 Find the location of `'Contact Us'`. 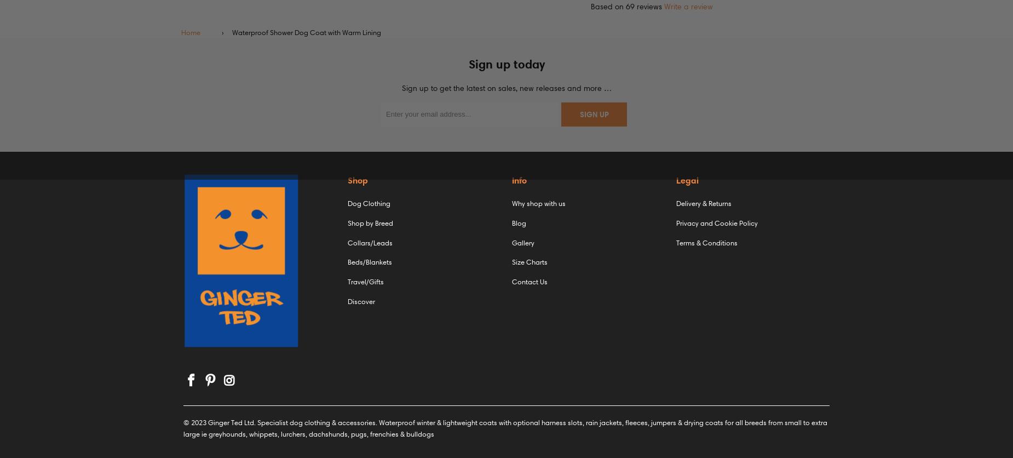

'Contact Us' is located at coordinates (529, 281).